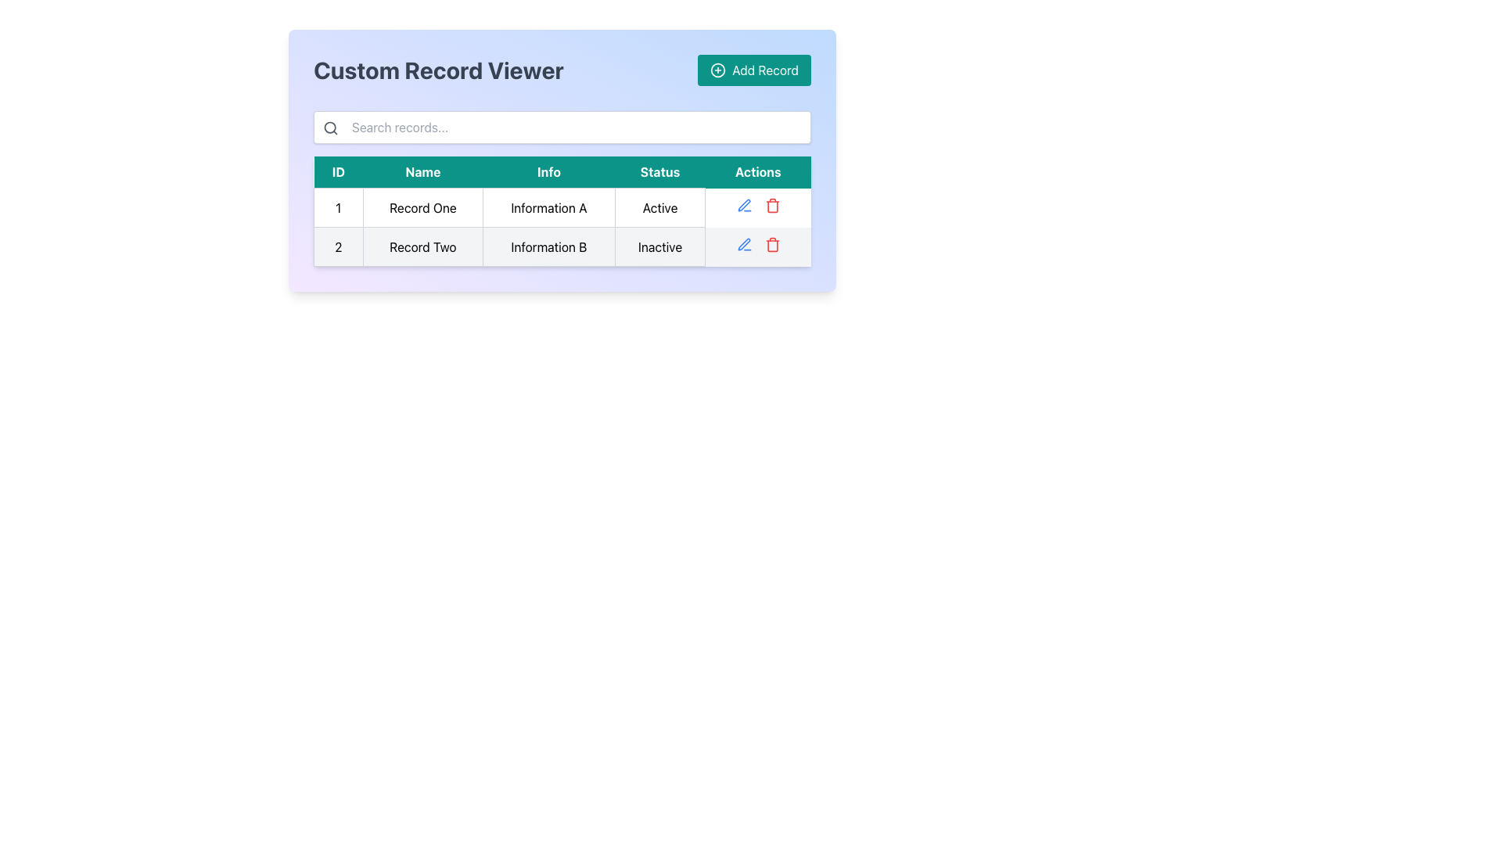 This screenshot has width=1502, height=845. Describe the element at coordinates (772, 204) in the screenshot. I see `the trash bin icon button located` at that location.